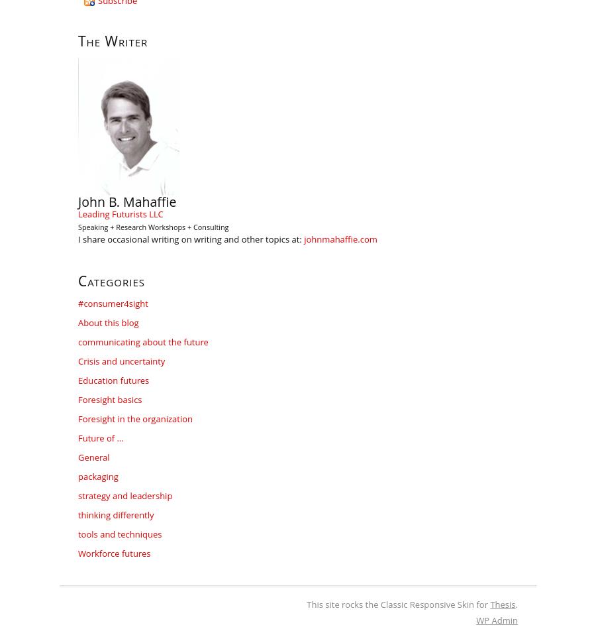  Describe the element at coordinates (482, 620) in the screenshot. I see `'WP'` at that location.